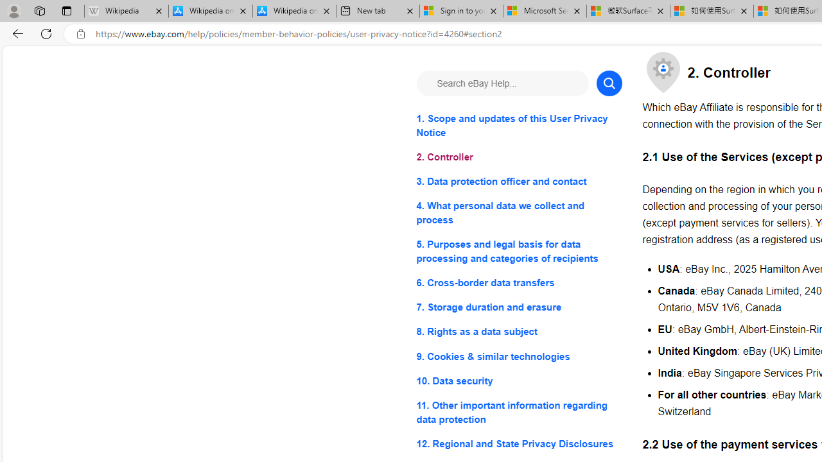  What do you see at coordinates (519, 412) in the screenshot?
I see `'11. Other important information regarding data protection'` at bounding box center [519, 412].